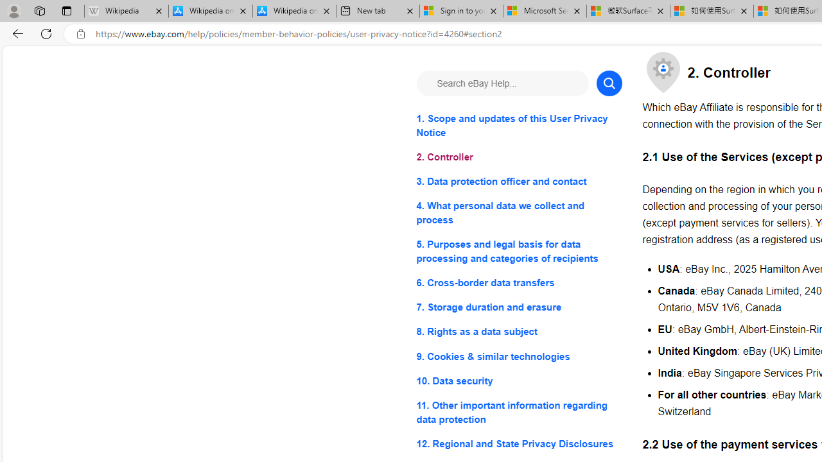  What do you see at coordinates (519, 412) in the screenshot?
I see `'11. Other important information regarding data protection'` at bounding box center [519, 412].